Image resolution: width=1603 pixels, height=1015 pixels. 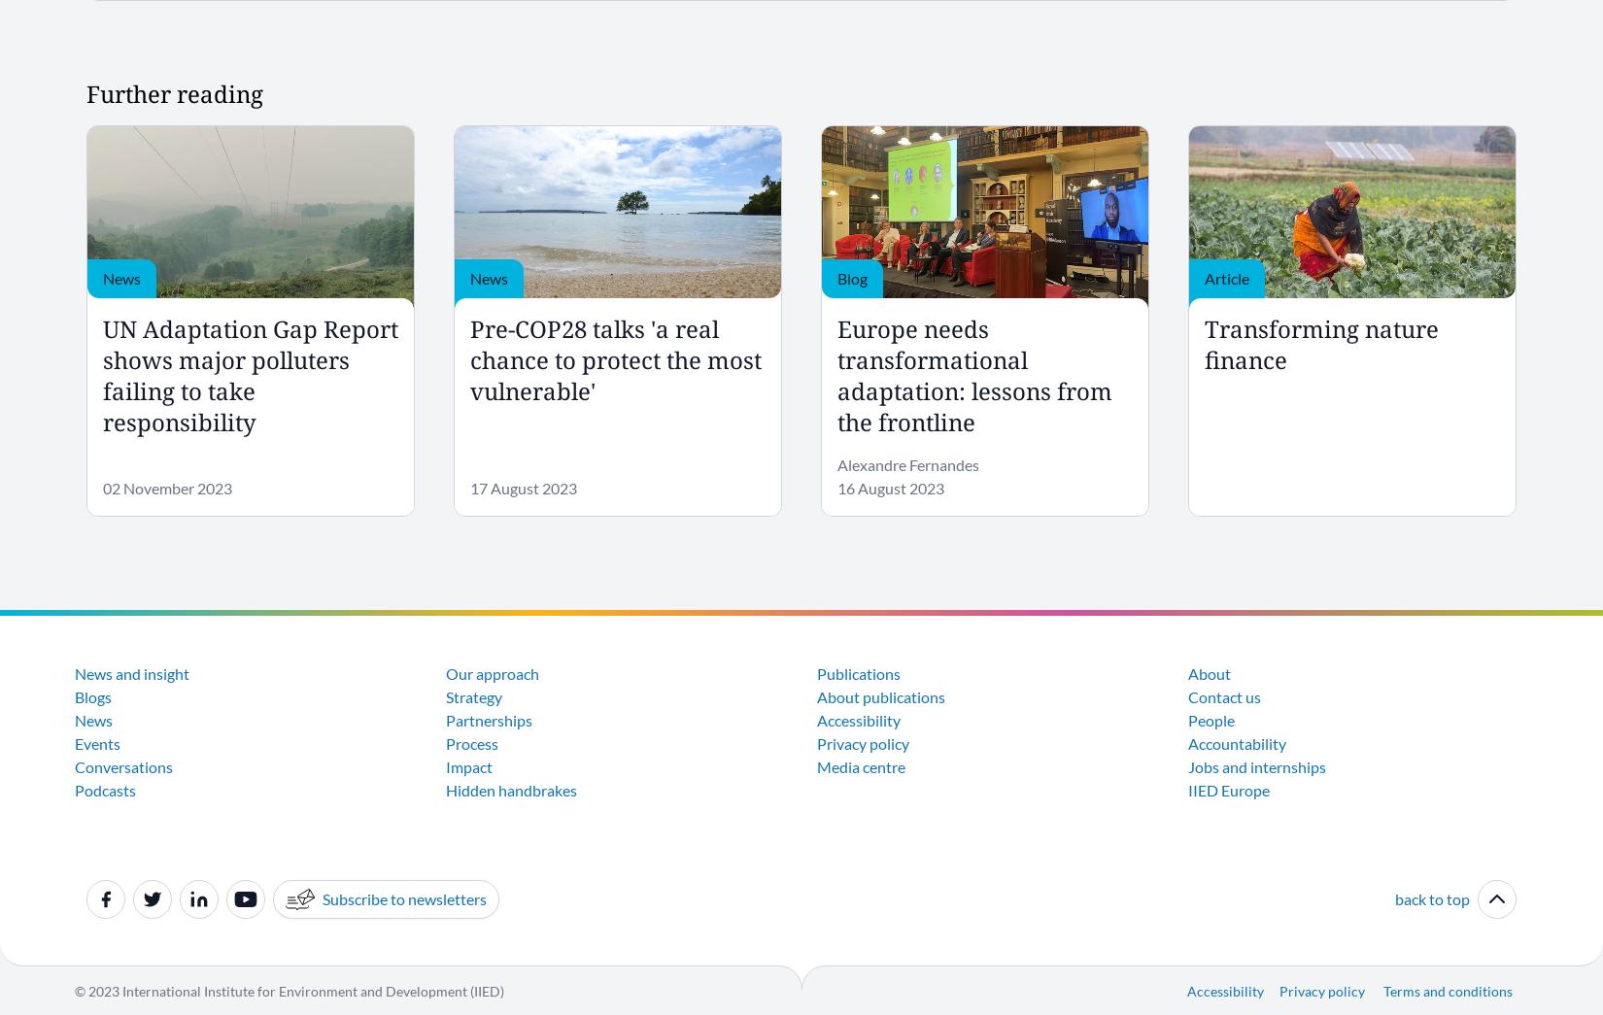 What do you see at coordinates (1187, 694) in the screenshot?
I see `'Contact us'` at bounding box center [1187, 694].